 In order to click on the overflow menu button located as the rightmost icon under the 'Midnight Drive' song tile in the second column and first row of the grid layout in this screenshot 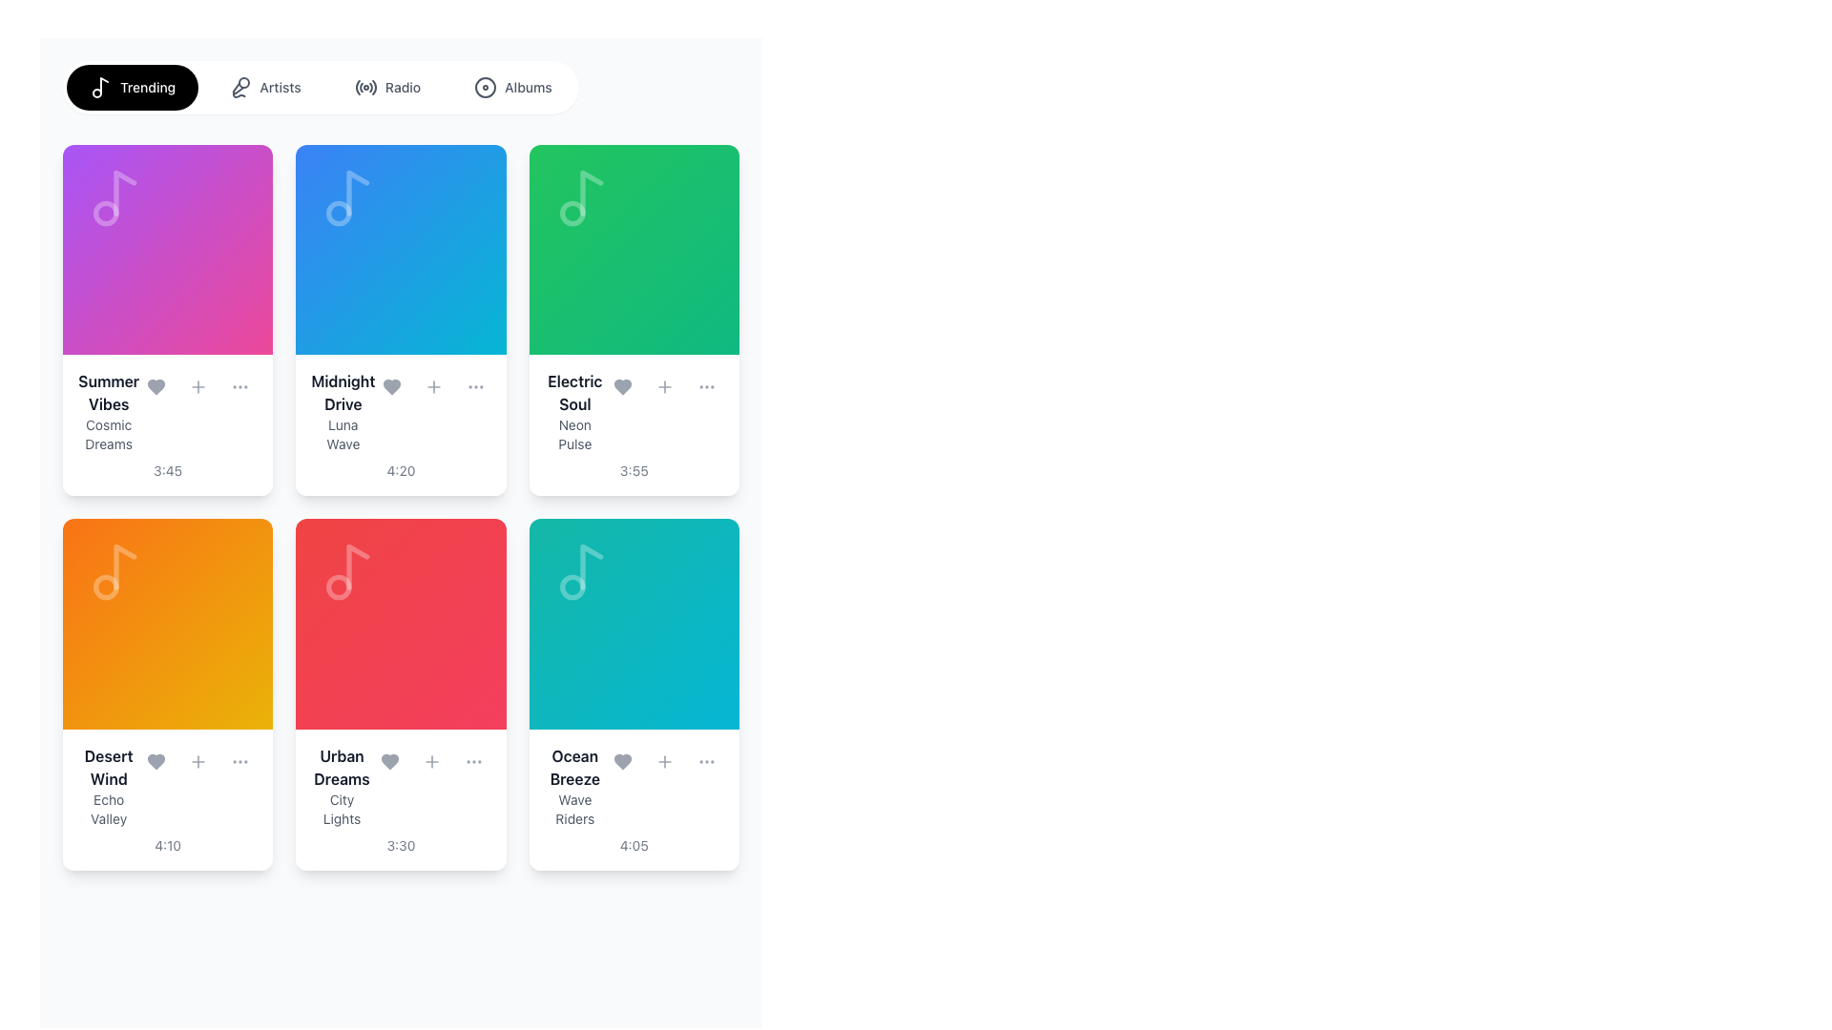, I will do `click(476, 386)`.